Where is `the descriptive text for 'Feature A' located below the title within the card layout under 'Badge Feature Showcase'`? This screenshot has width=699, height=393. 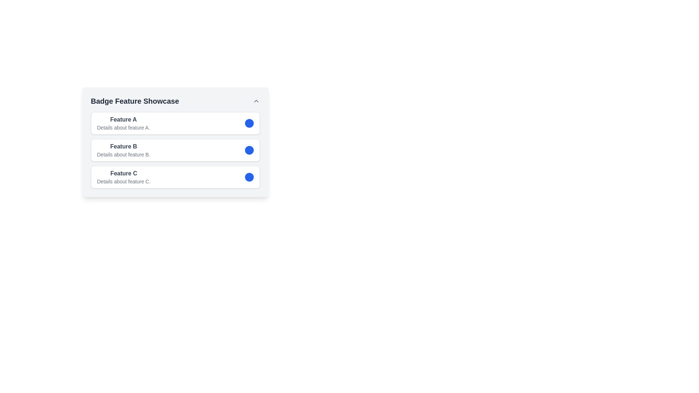
the descriptive text for 'Feature A' located below the title within the card layout under 'Badge Feature Showcase' is located at coordinates (123, 127).